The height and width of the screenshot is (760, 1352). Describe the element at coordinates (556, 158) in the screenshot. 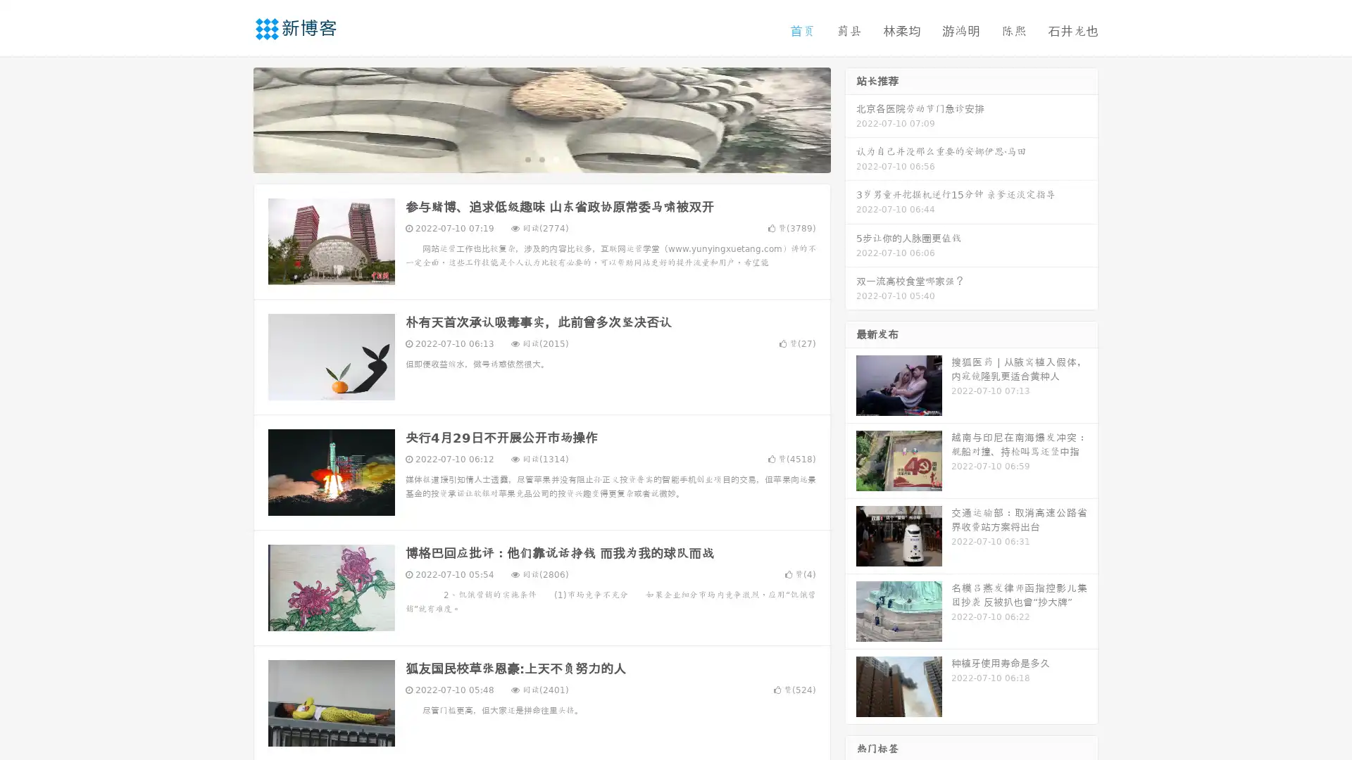

I see `Go to slide 3` at that location.